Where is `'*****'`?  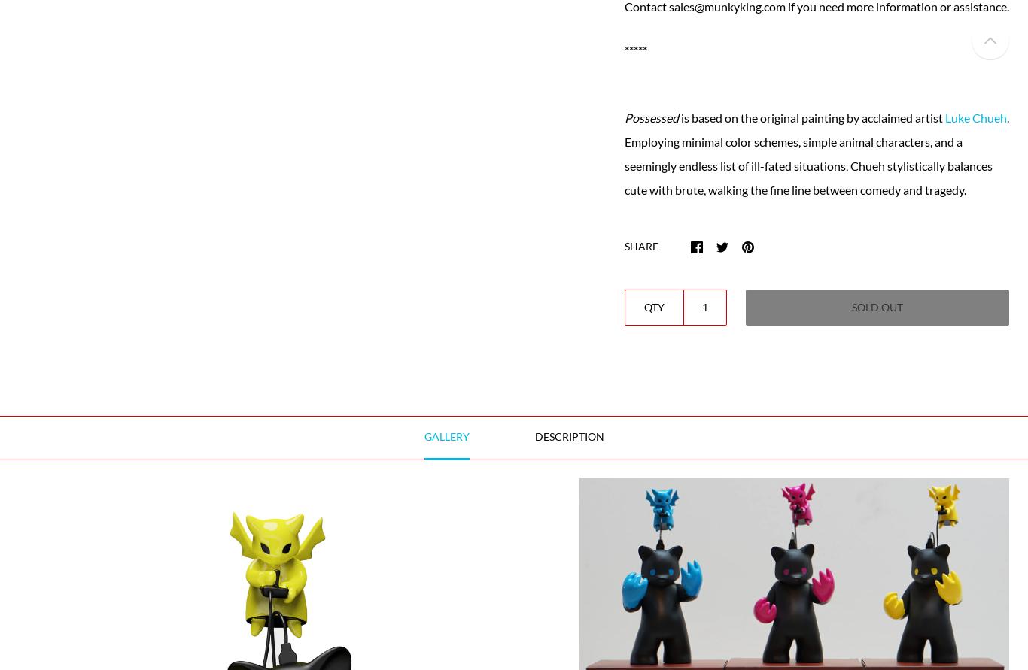 '*****' is located at coordinates (623, 49).